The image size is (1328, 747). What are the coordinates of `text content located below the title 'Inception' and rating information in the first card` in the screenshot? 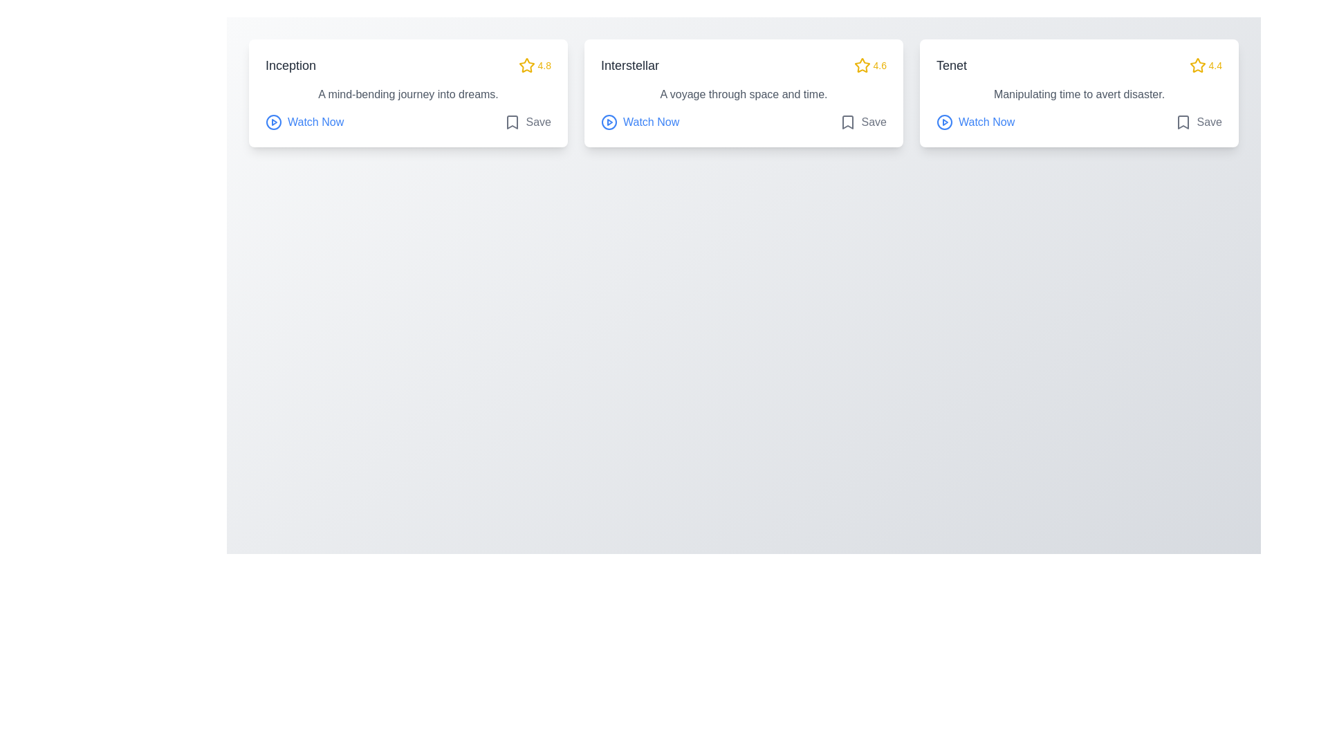 It's located at (407, 94).